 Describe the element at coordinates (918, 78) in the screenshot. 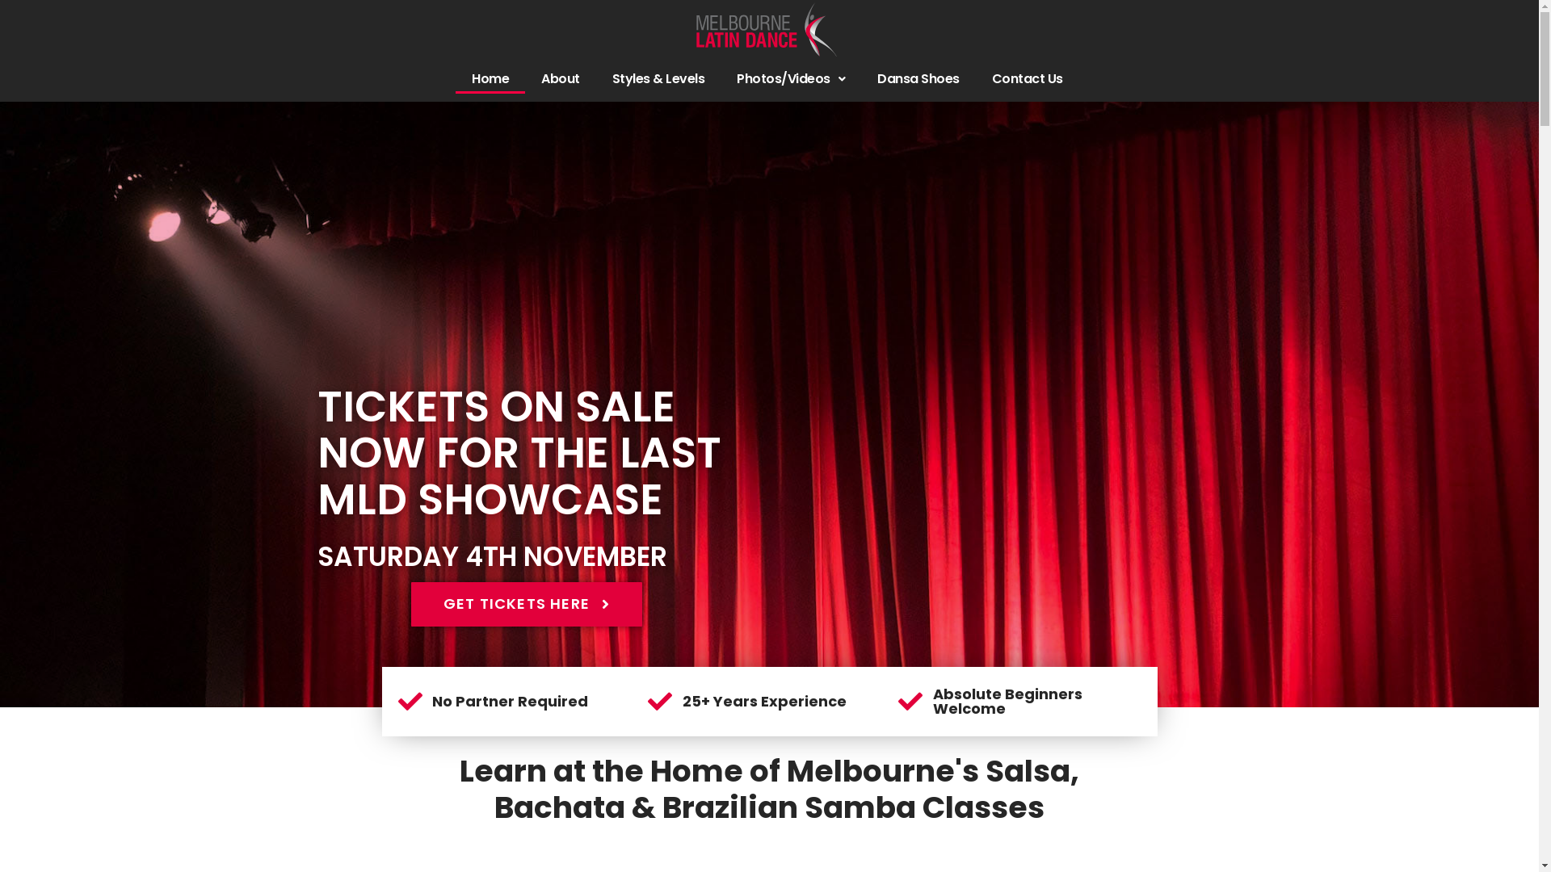

I see `'Dansa Shoes'` at that location.